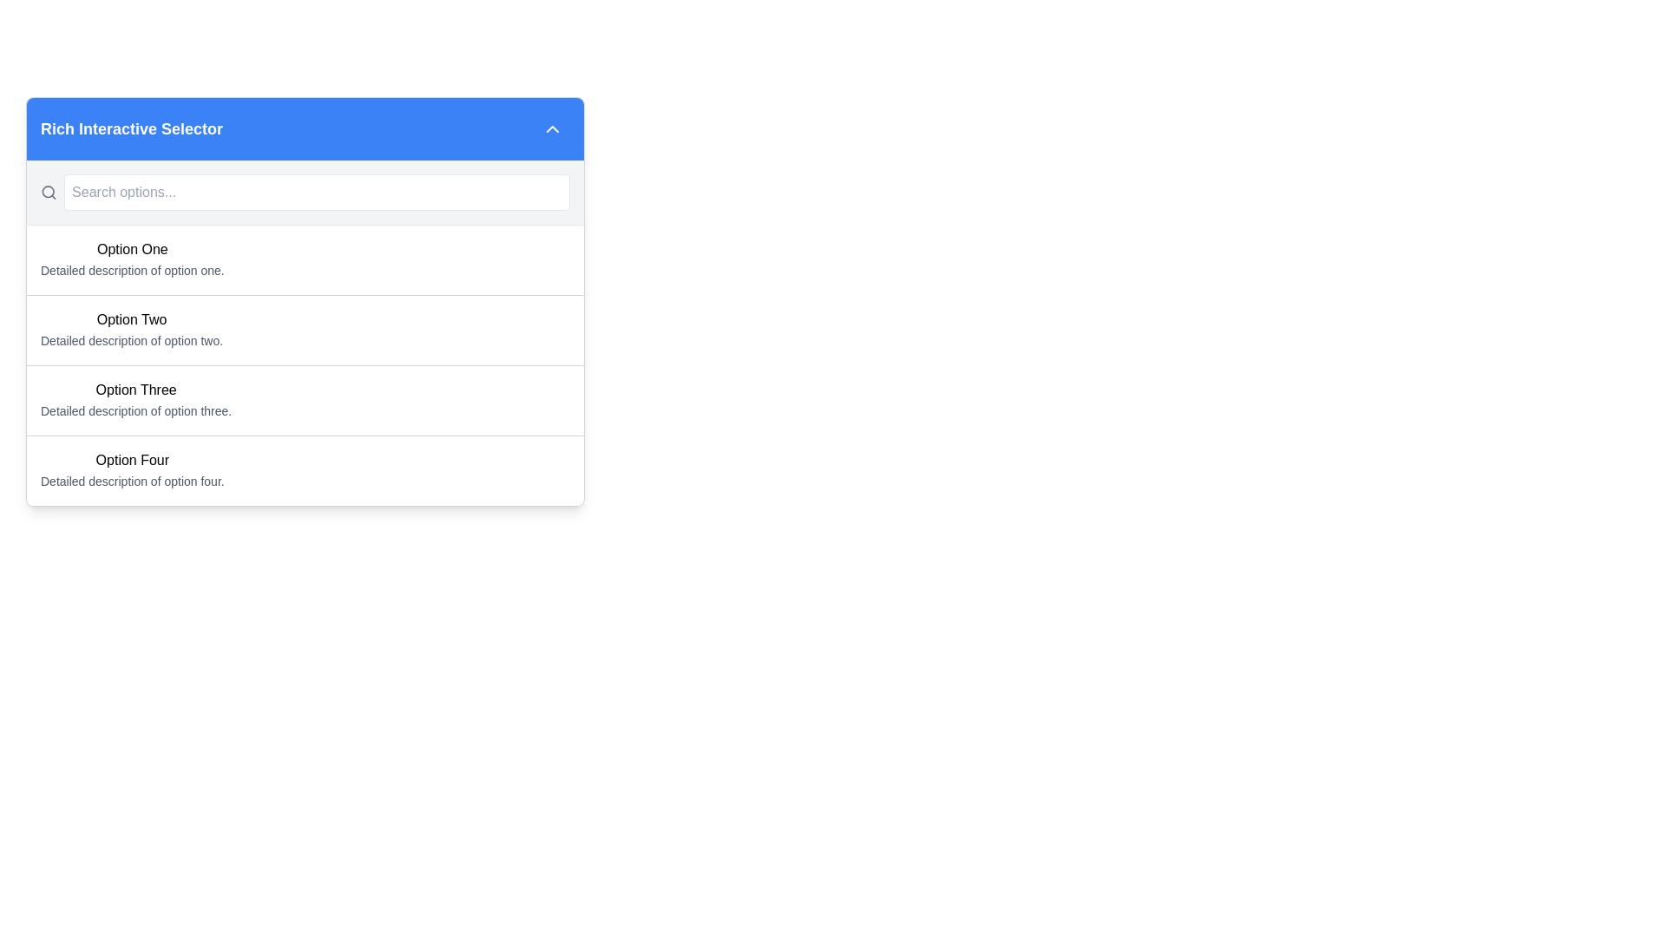  I want to click on the text label element styled as a heading with the text 'Option Three', so click(135, 390).